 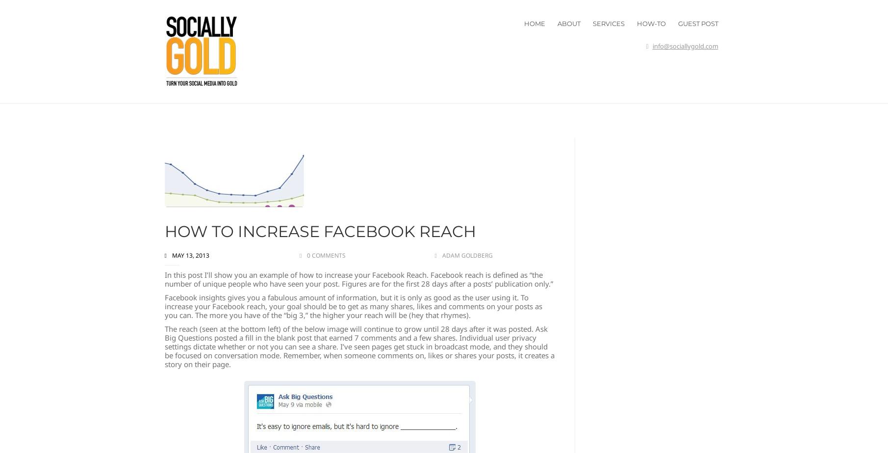 What do you see at coordinates (534, 23) in the screenshot?
I see `'HOME'` at bounding box center [534, 23].